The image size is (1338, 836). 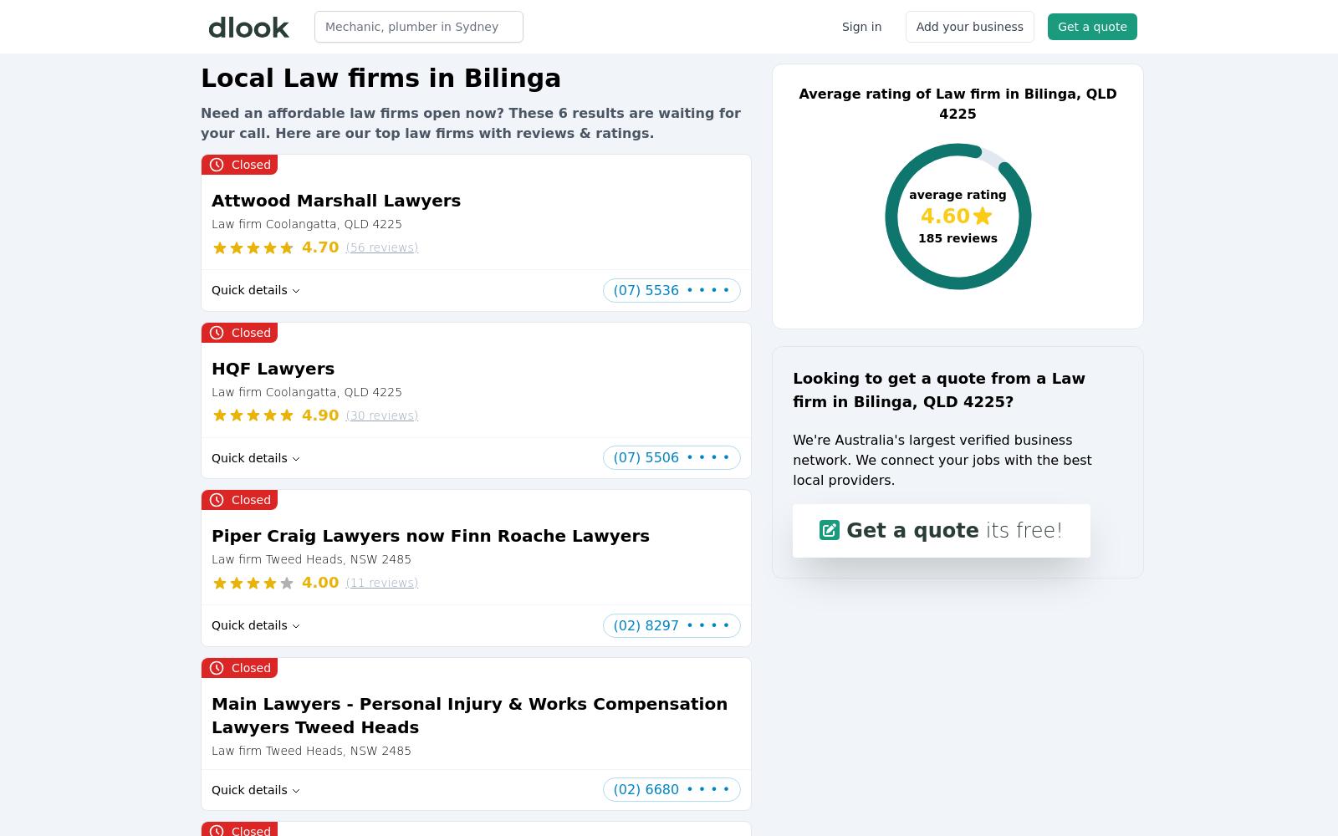 I want to click on '4.70', so click(x=320, y=247).